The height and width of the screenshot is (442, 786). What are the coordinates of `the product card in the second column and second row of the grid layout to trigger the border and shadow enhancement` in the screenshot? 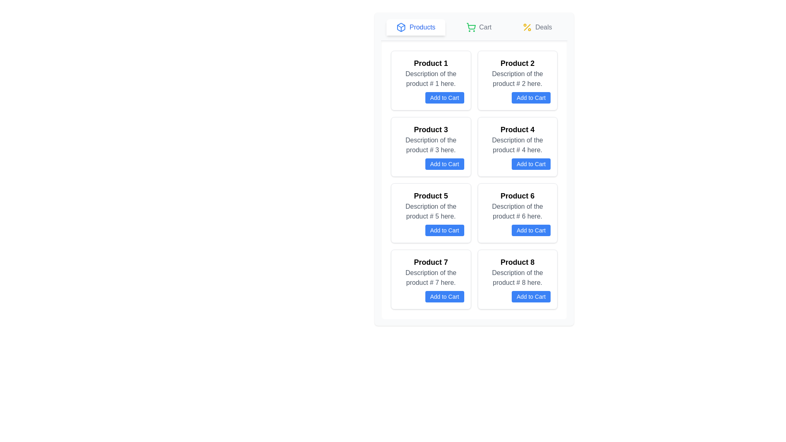 It's located at (517, 146).